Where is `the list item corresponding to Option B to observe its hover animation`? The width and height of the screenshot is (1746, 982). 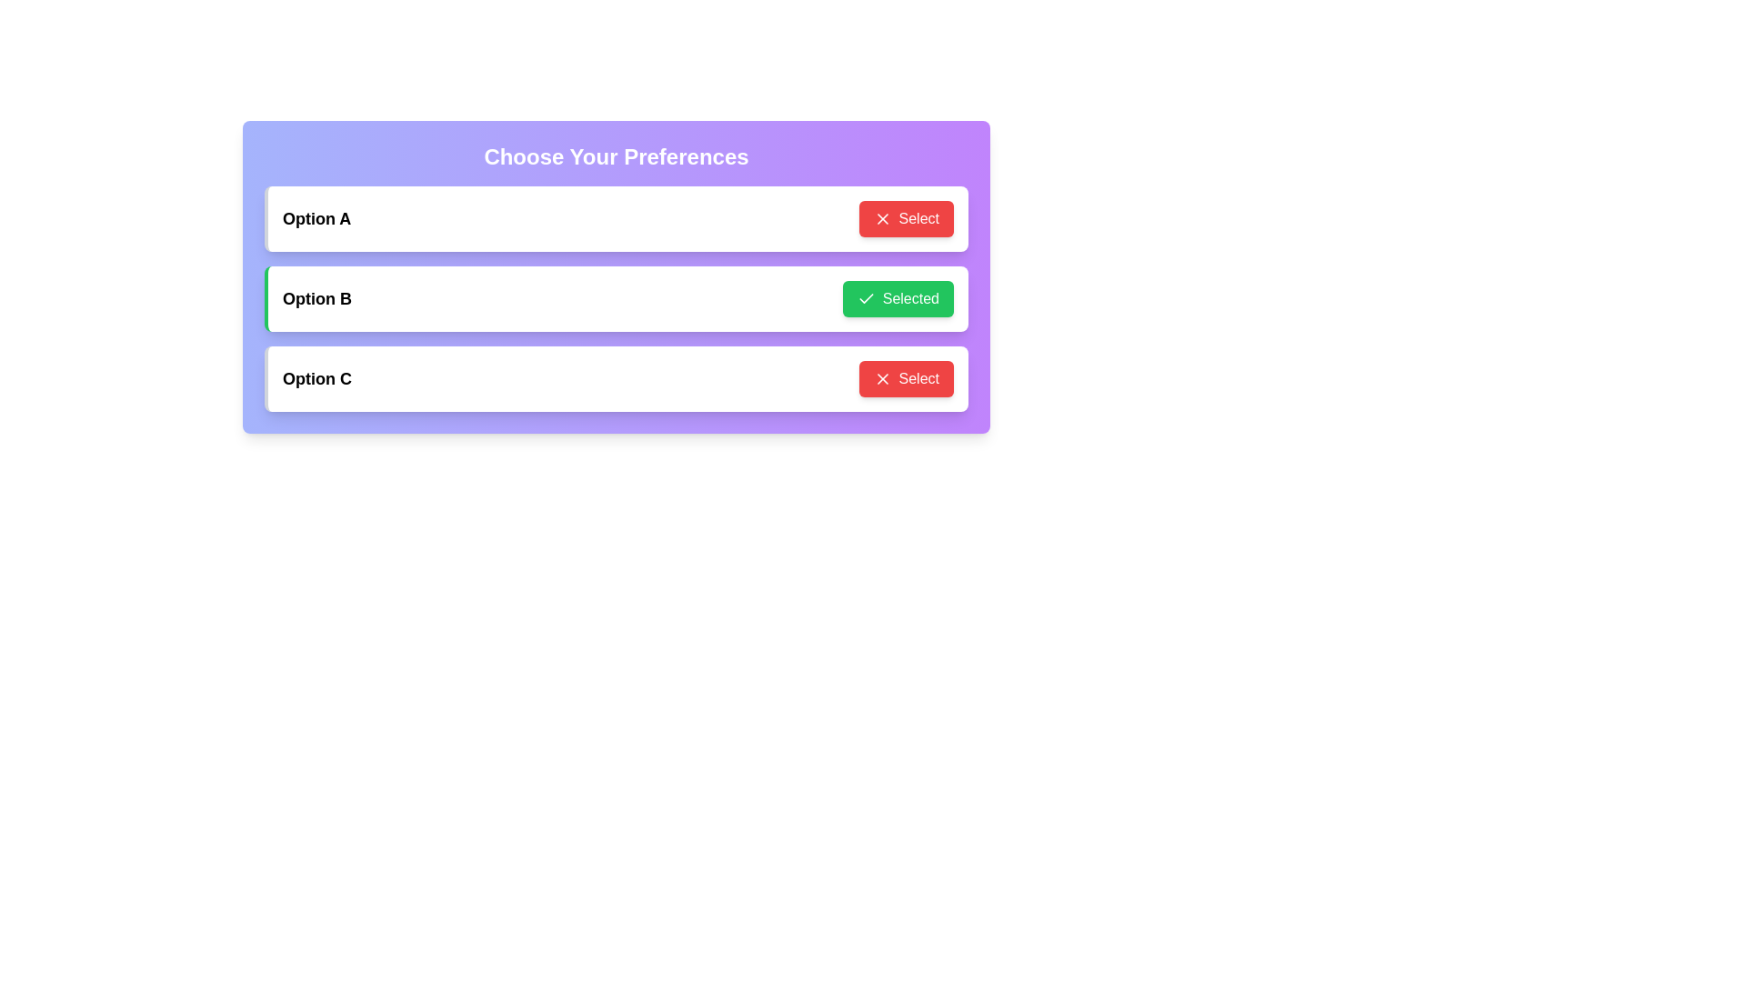 the list item corresponding to Option B to observe its hover animation is located at coordinates (616, 297).